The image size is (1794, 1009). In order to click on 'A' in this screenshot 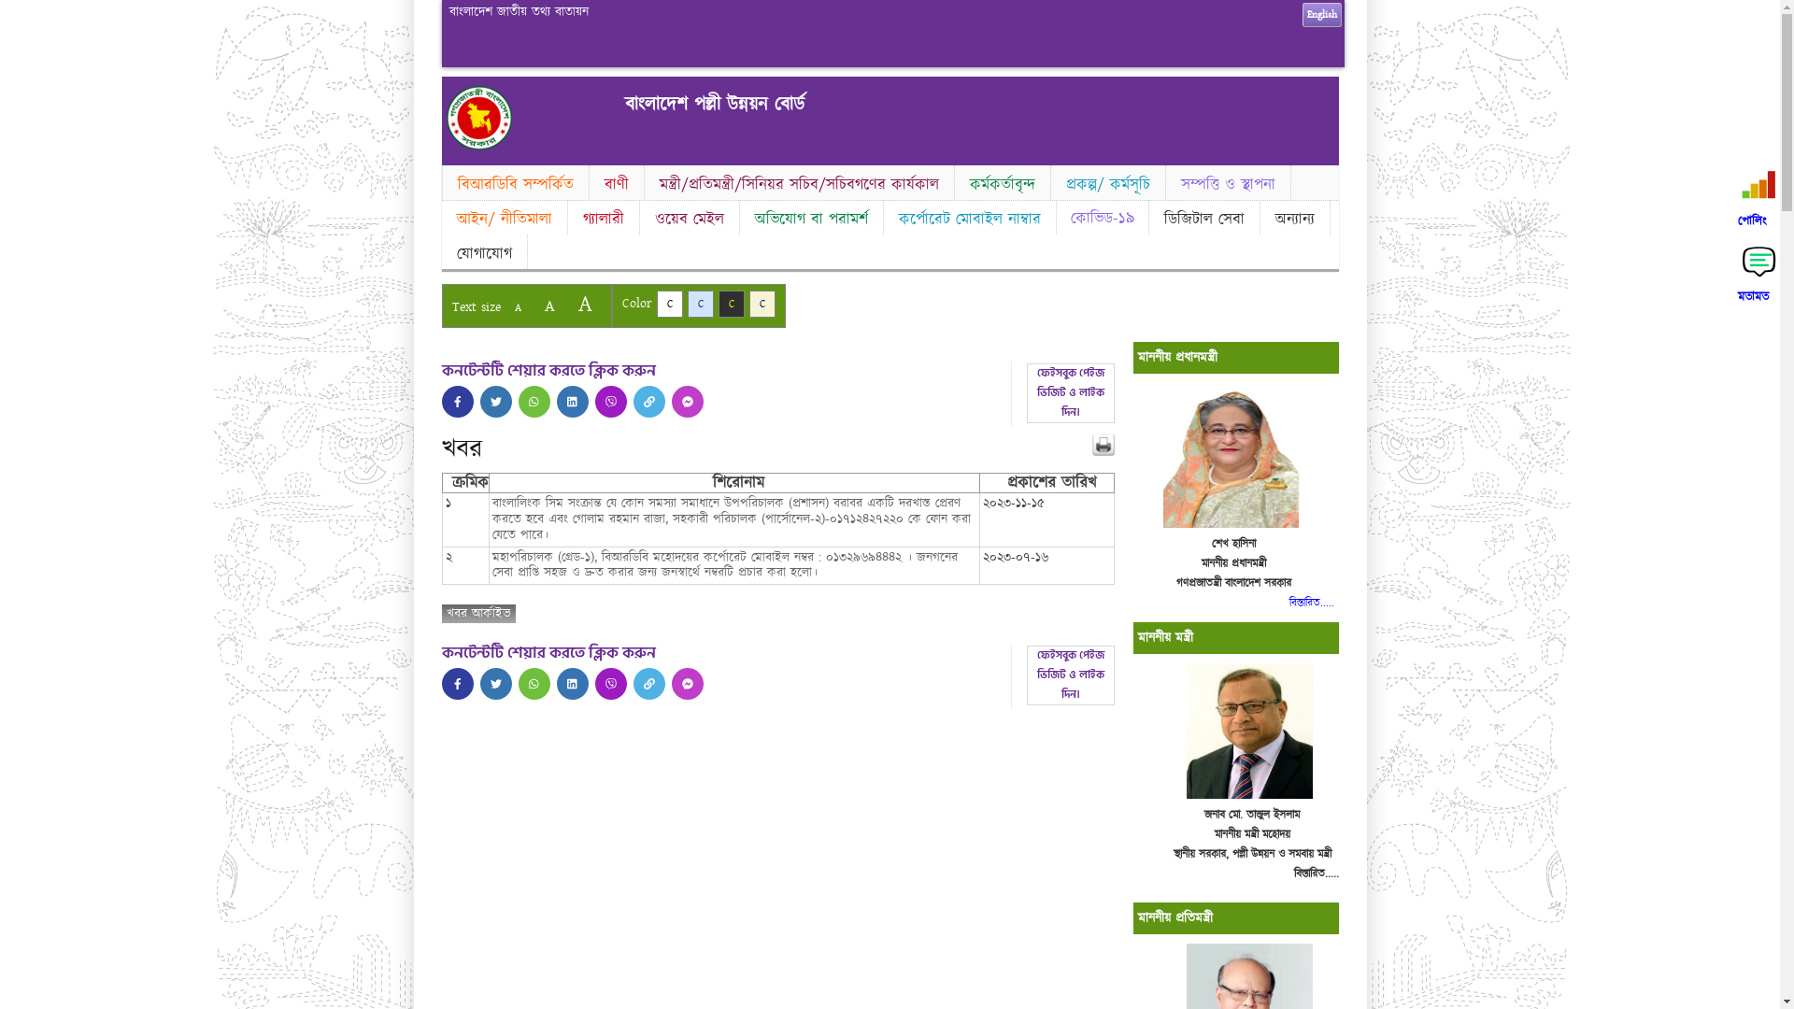, I will do `click(548, 305)`.